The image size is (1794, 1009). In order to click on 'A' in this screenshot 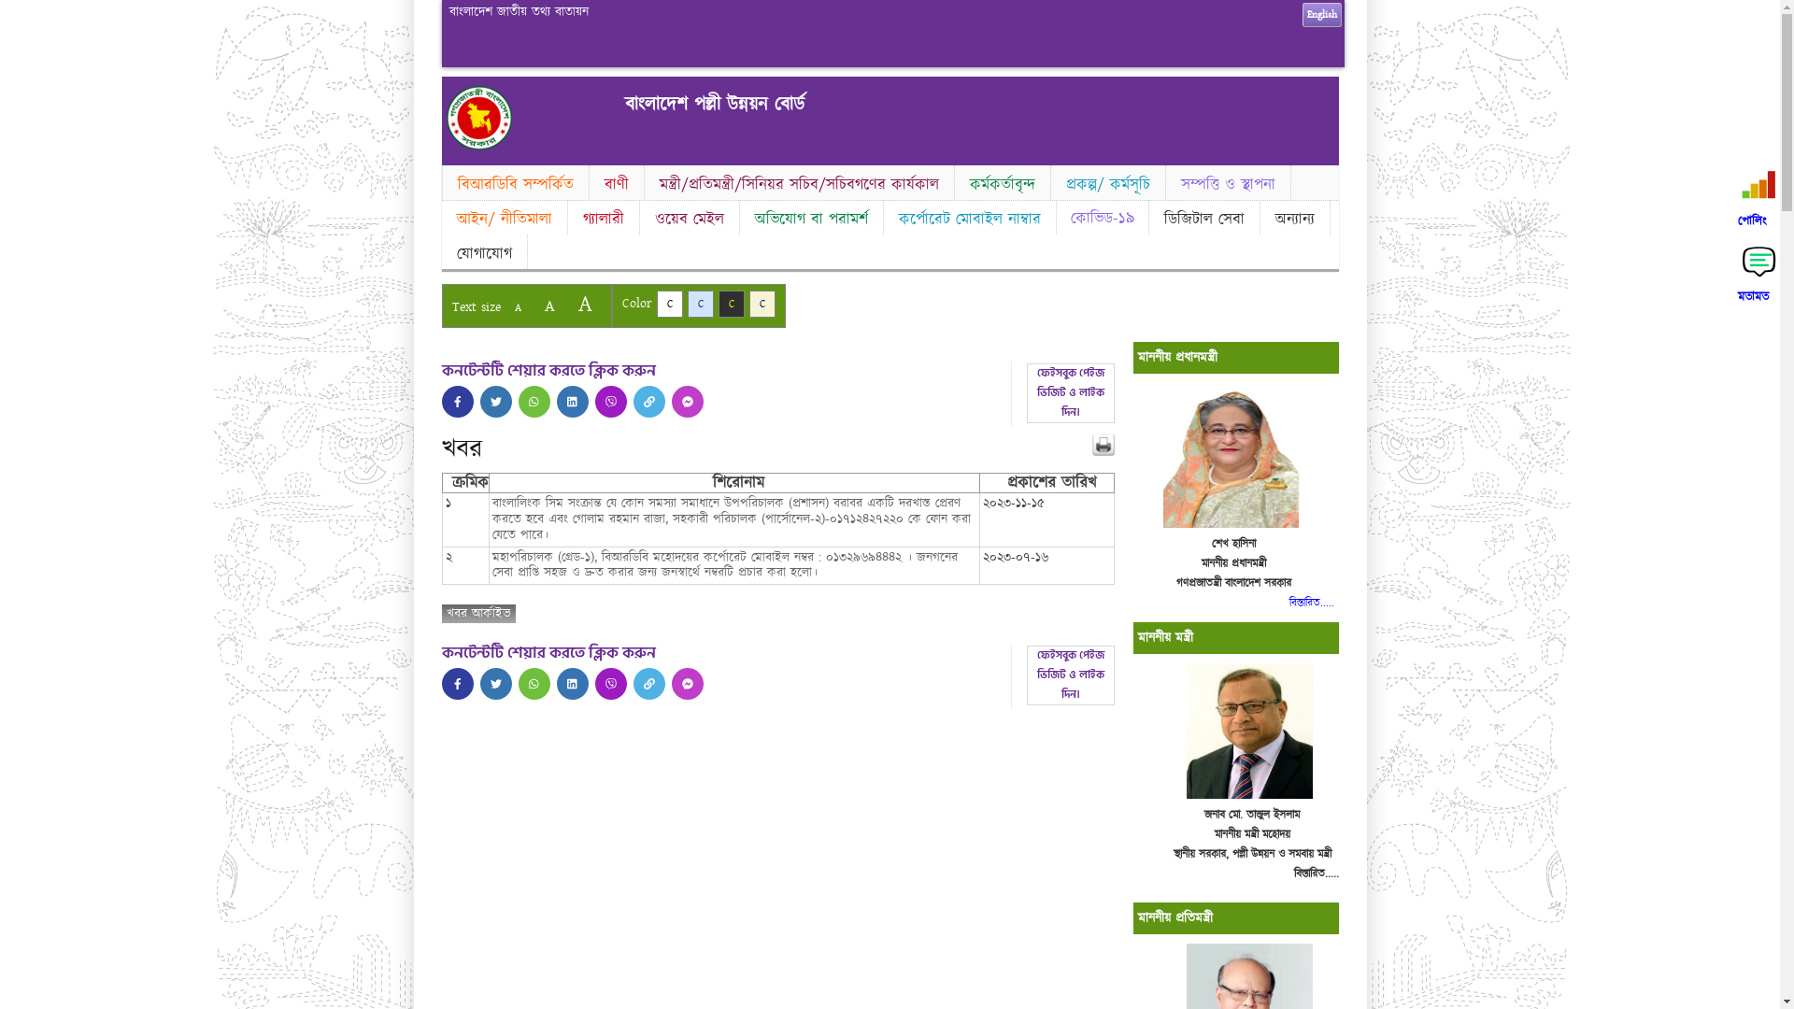, I will do `click(548, 305)`.